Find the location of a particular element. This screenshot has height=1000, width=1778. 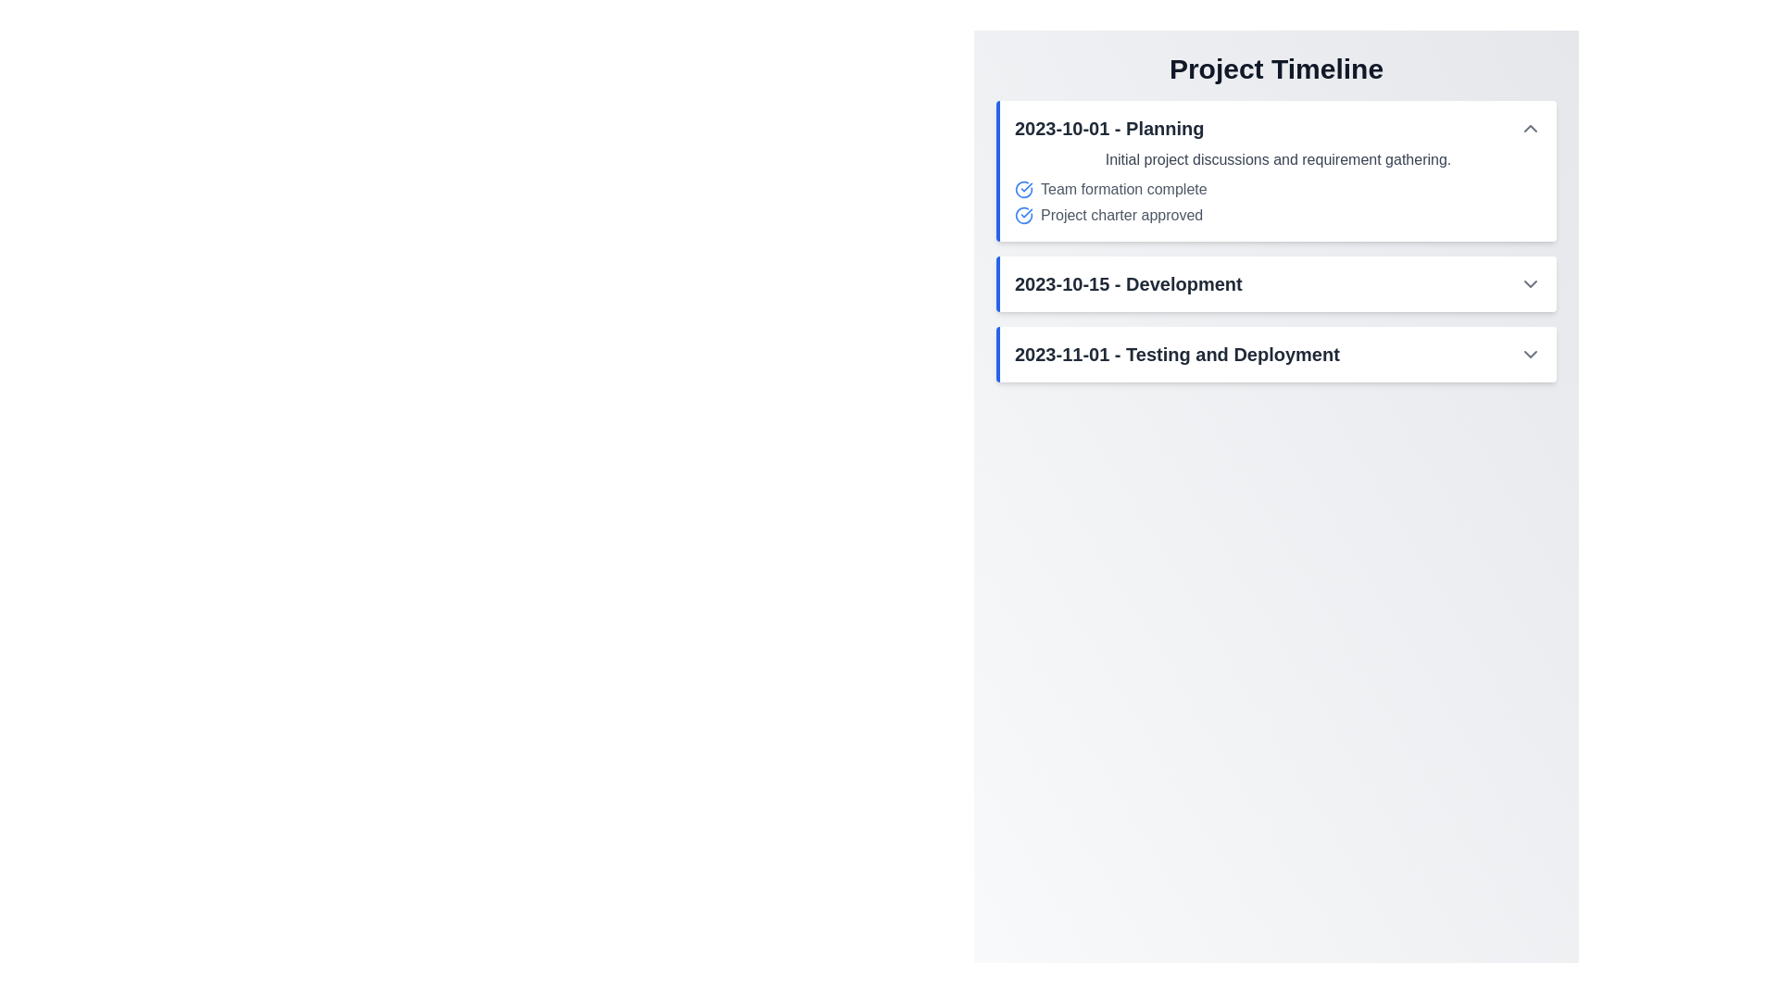

the informational card titled '2023-10-01 - Planning' located at the top of the 'Project Timeline' section is located at coordinates (1275, 171).